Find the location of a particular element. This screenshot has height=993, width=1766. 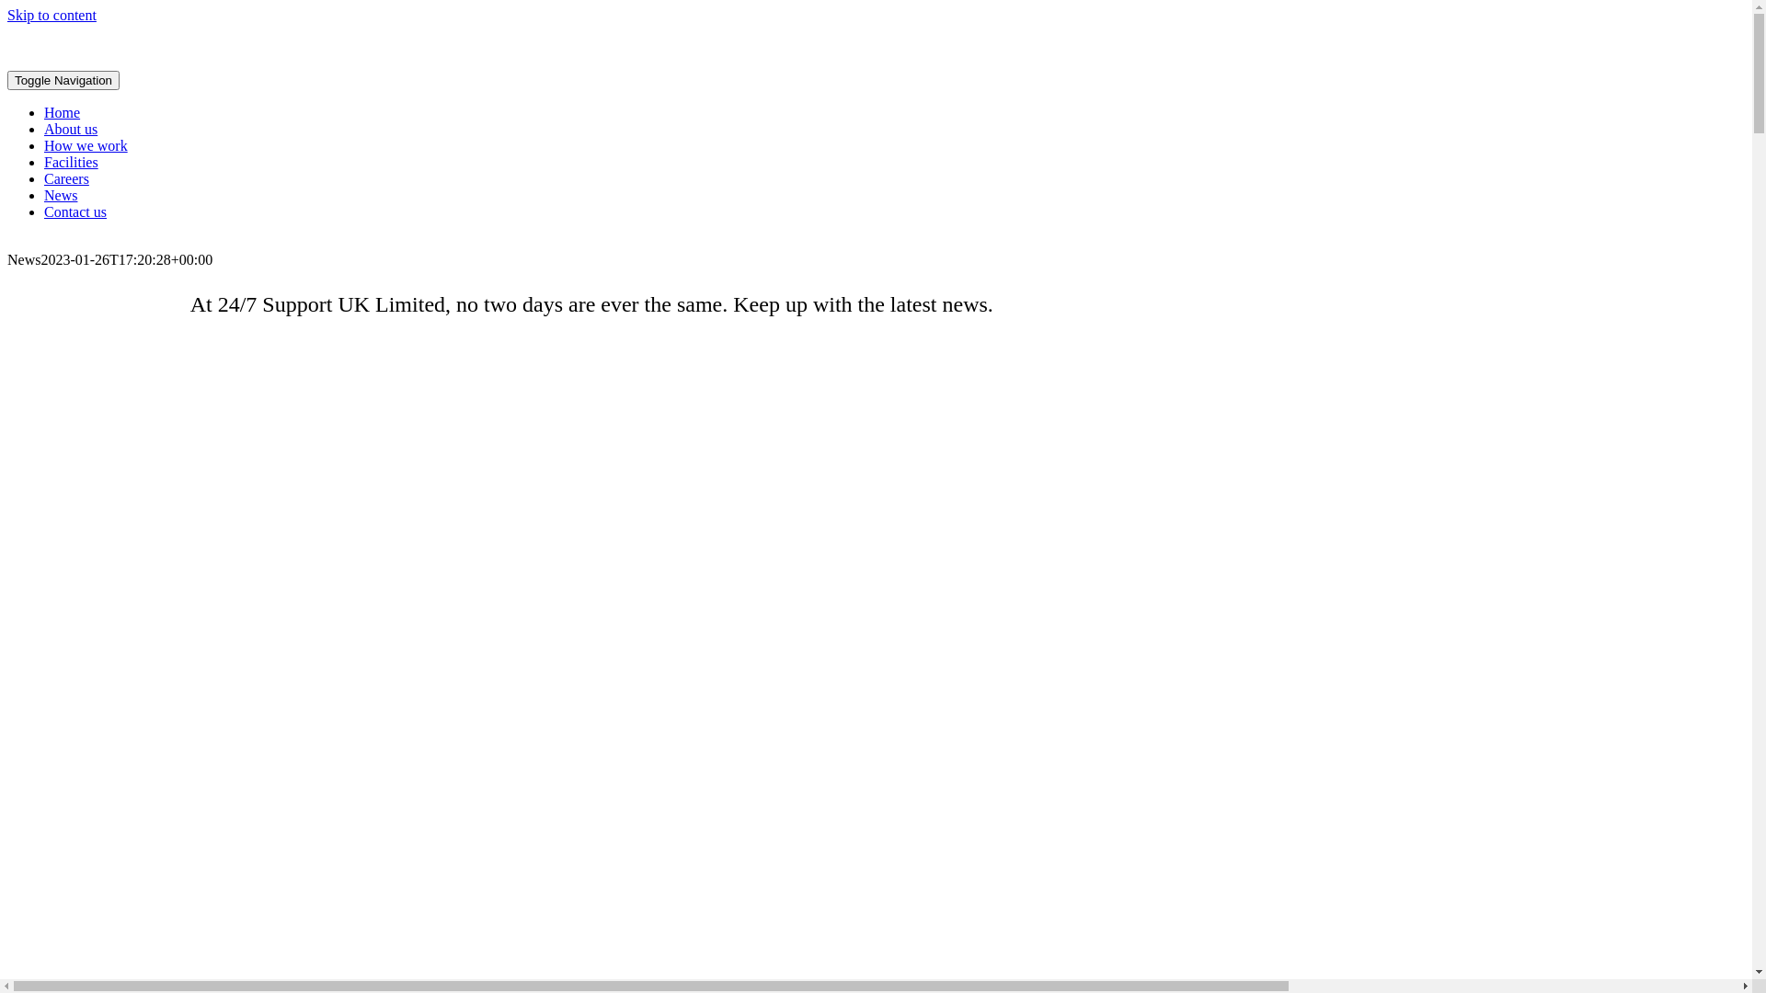

'Toggle Navigation' is located at coordinates (63, 79).